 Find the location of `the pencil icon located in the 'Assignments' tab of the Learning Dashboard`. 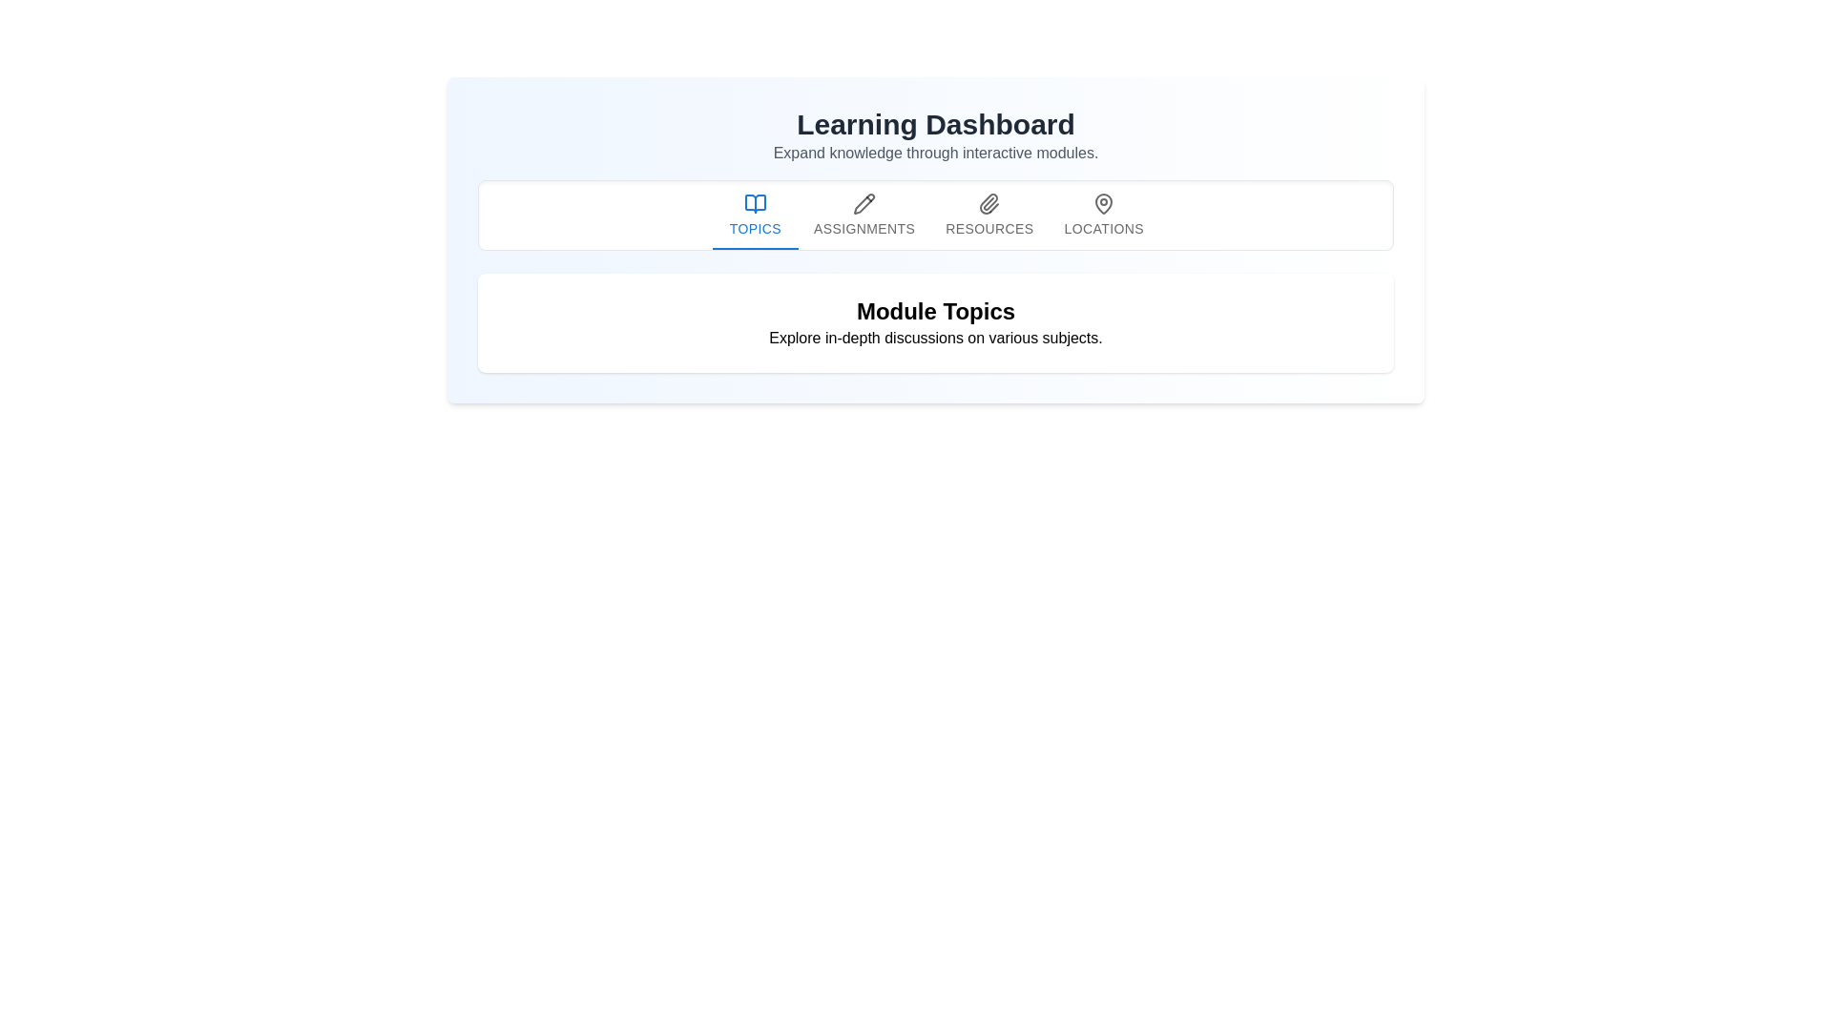

the pencil icon located in the 'Assignments' tab of the Learning Dashboard is located at coordinates (864, 204).